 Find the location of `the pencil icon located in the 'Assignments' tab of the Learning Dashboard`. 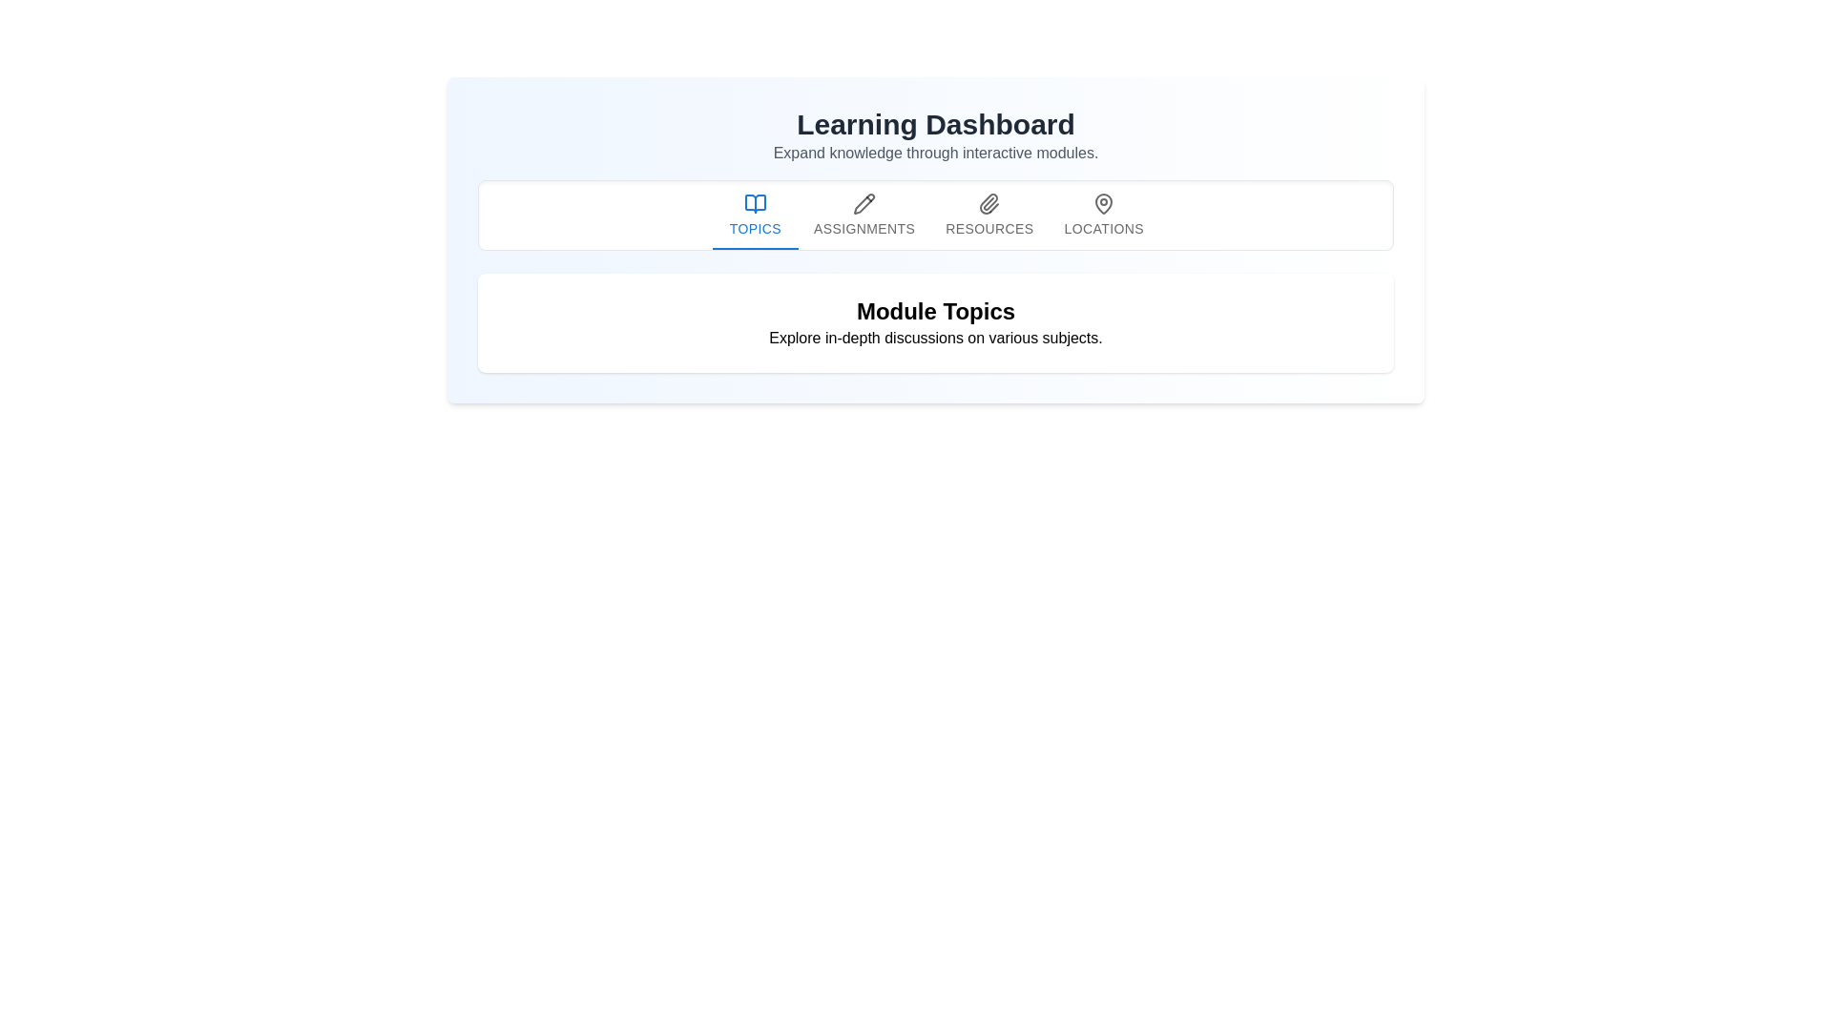

the pencil icon located in the 'Assignments' tab of the Learning Dashboard is located at coordinates (864, 204).